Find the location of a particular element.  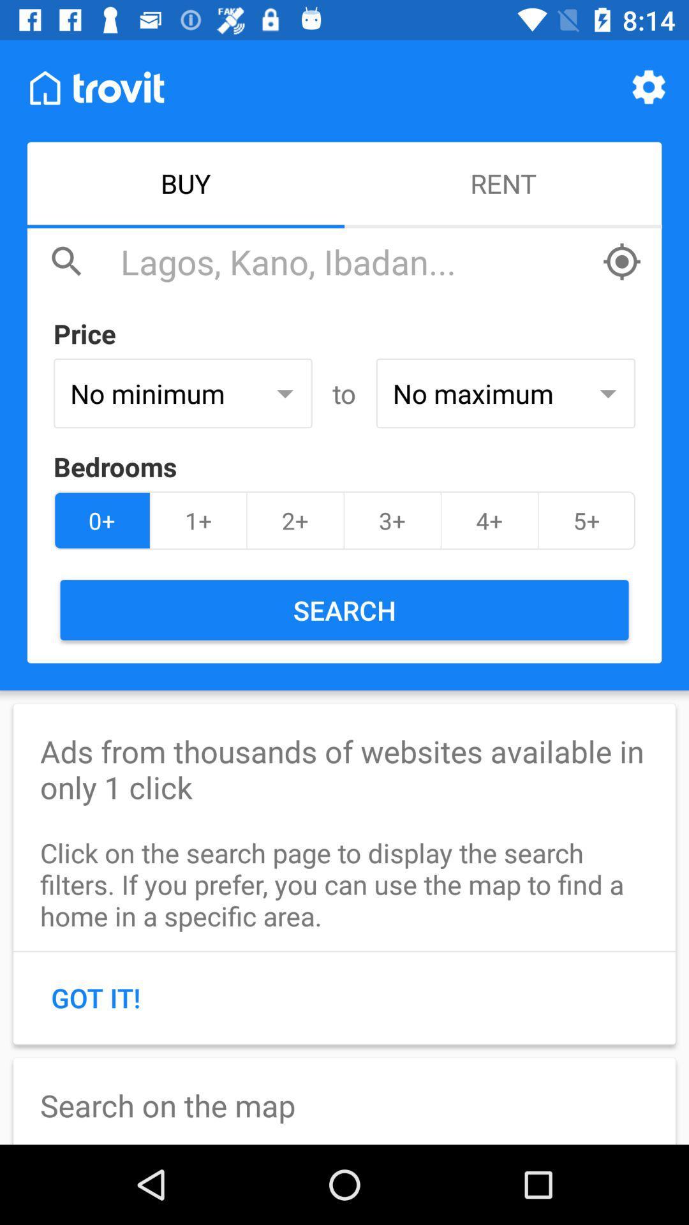

got it! at the bottom left corner is located at coordinates (95, 997).